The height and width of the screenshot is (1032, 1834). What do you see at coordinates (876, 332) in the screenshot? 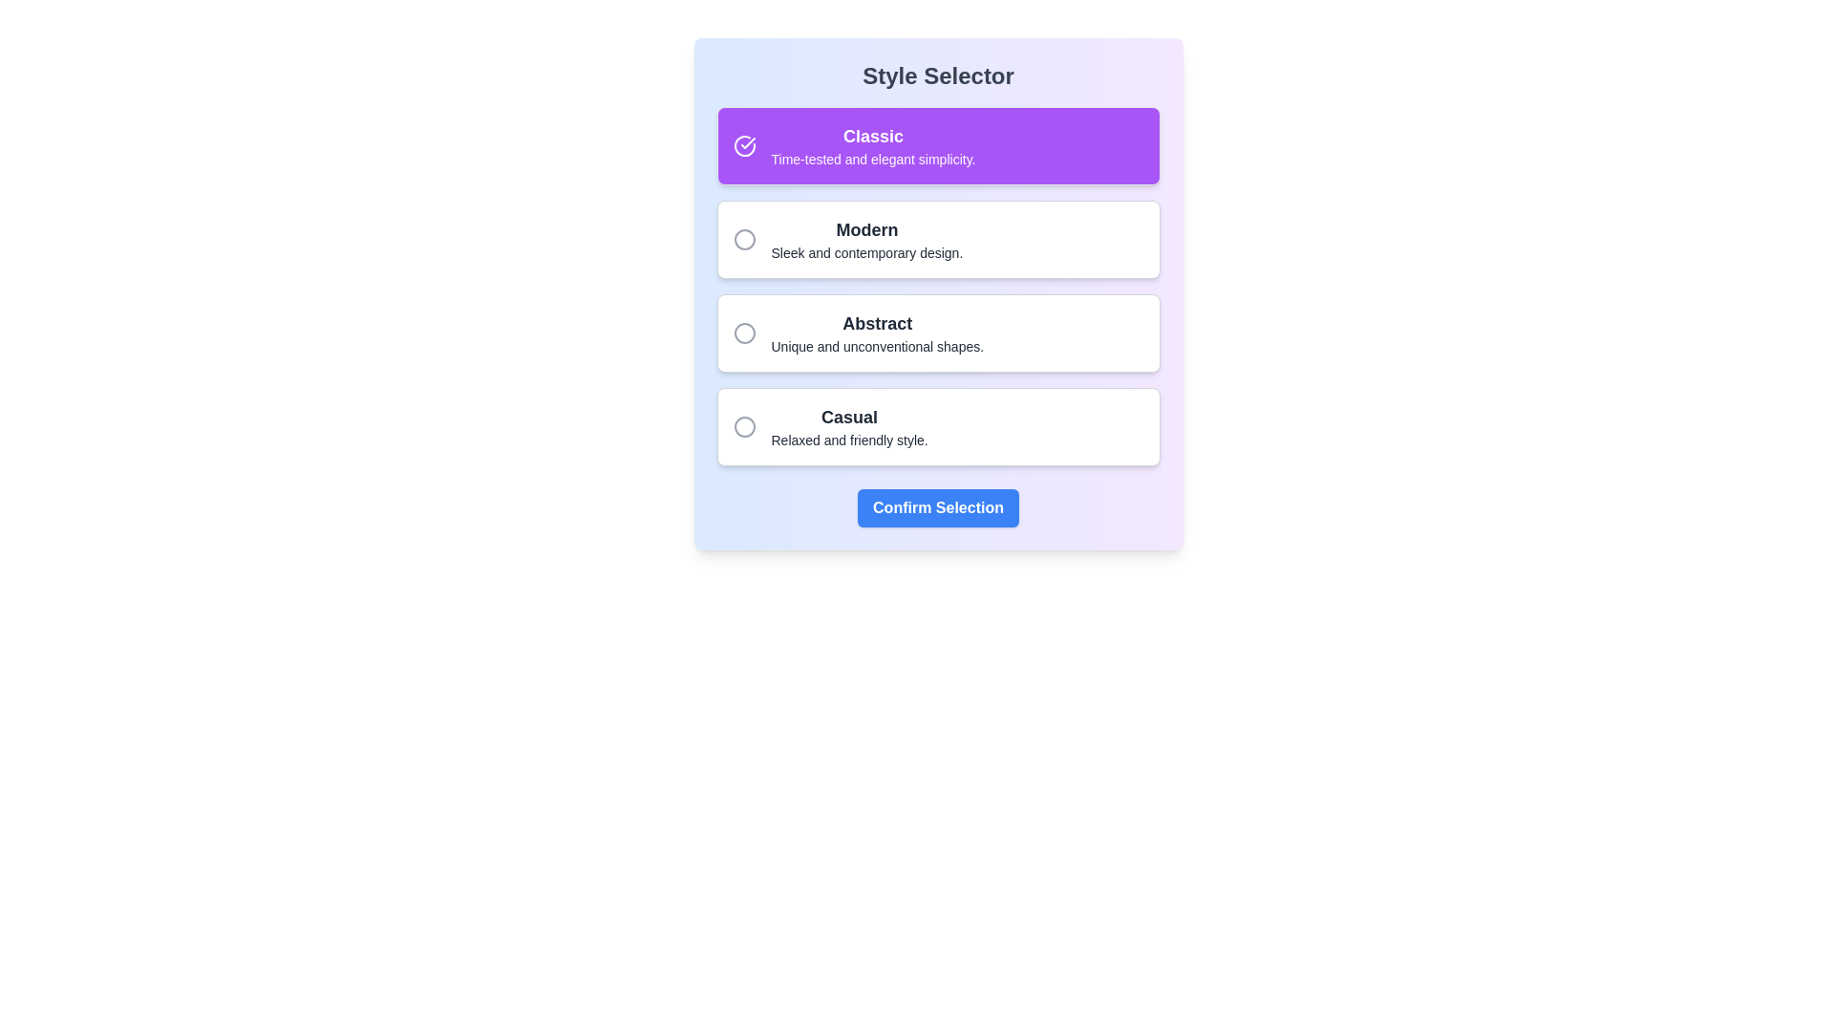
I see `the 'Abstract' style option within the selectable tile, which is the second option under the 'Style Selector' heading` at bounding box center [876, 332].